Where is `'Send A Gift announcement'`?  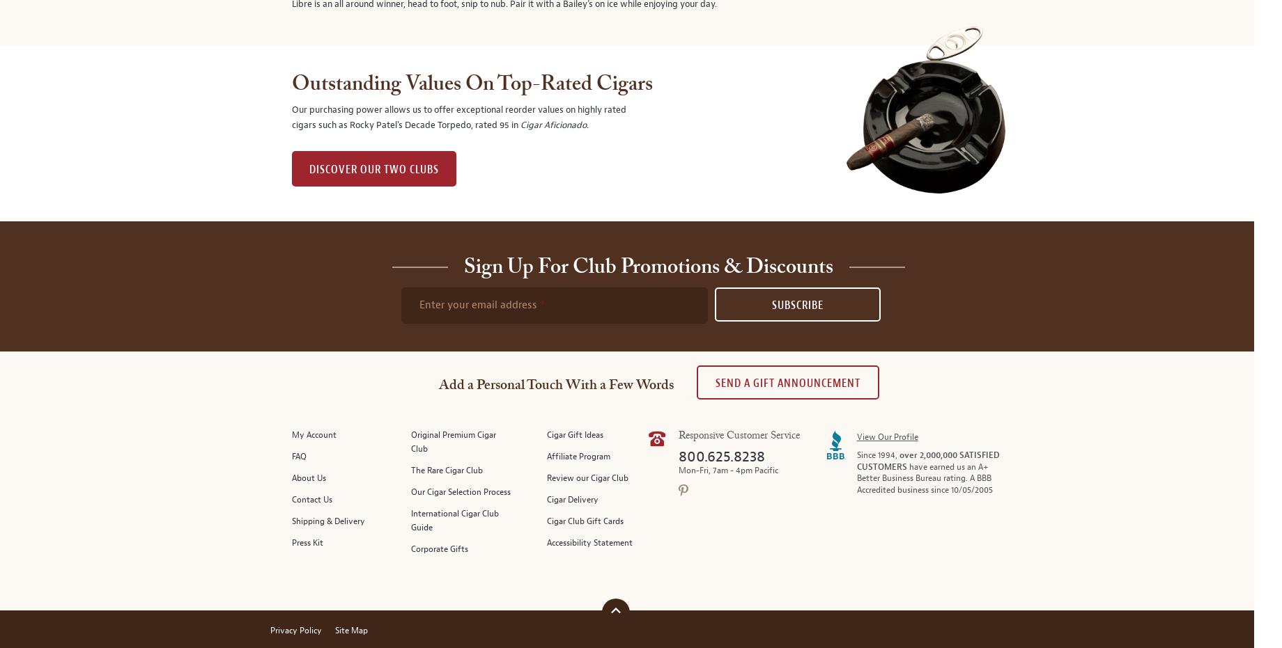 'Send A Gift announcement' is located at coordinates (787, 382).